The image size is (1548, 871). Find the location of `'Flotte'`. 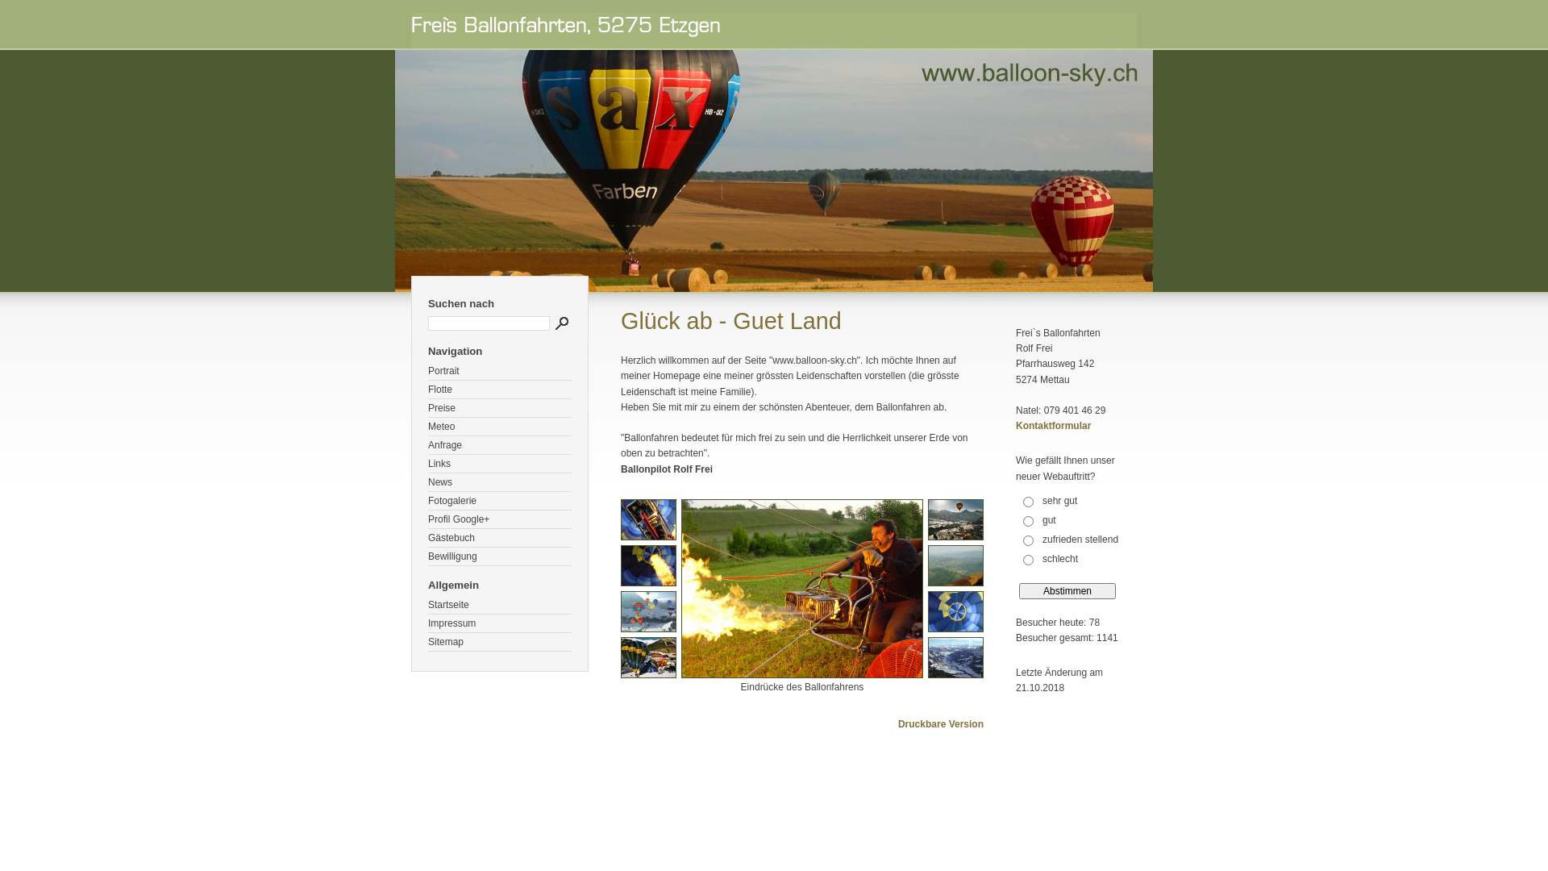

'Flotte' is located at coordinates (428, 390).